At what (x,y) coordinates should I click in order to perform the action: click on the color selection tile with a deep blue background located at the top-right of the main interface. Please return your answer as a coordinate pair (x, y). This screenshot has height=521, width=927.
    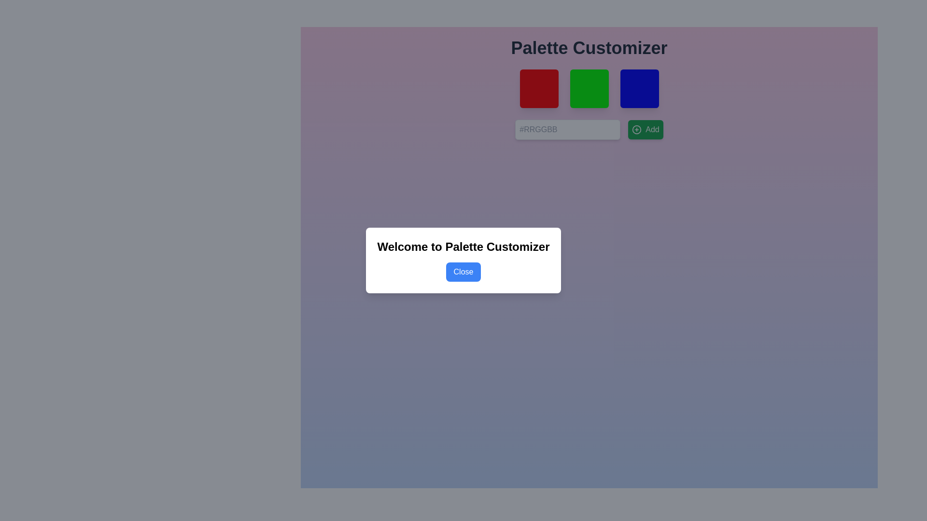
    Looking at the image, I should click on (639, 89).